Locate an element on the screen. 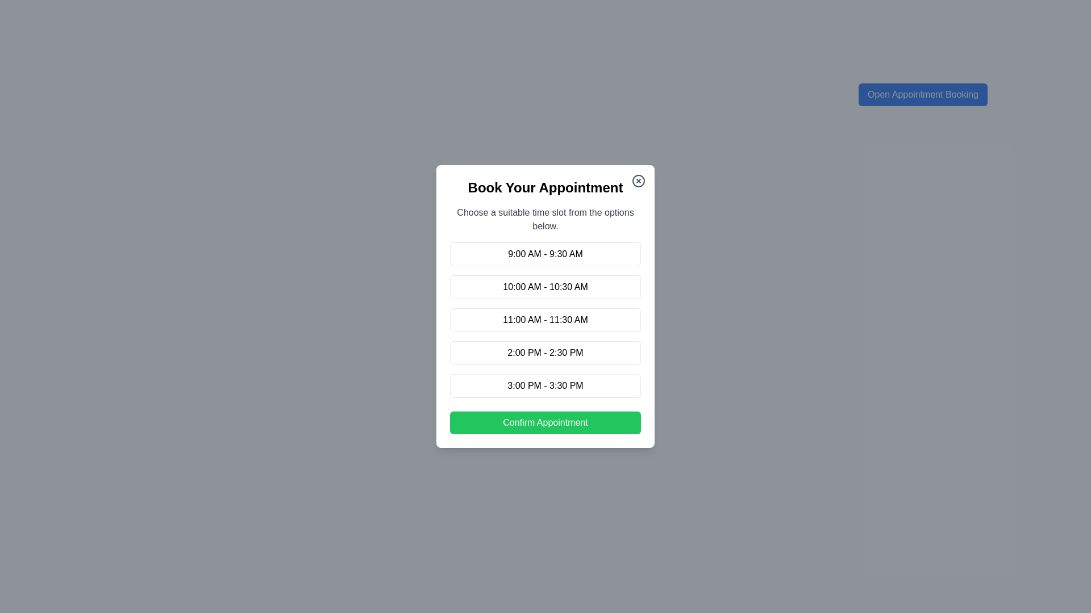 The image size is (1091, 613). the time slot option card for booking an appointment, which is the second item in the list titled 'Book Your Appointment', located between '9:00 AM - 9:30 AM' and '11:00 AM - 11:30 AM' is located at coordinates (545, 286).